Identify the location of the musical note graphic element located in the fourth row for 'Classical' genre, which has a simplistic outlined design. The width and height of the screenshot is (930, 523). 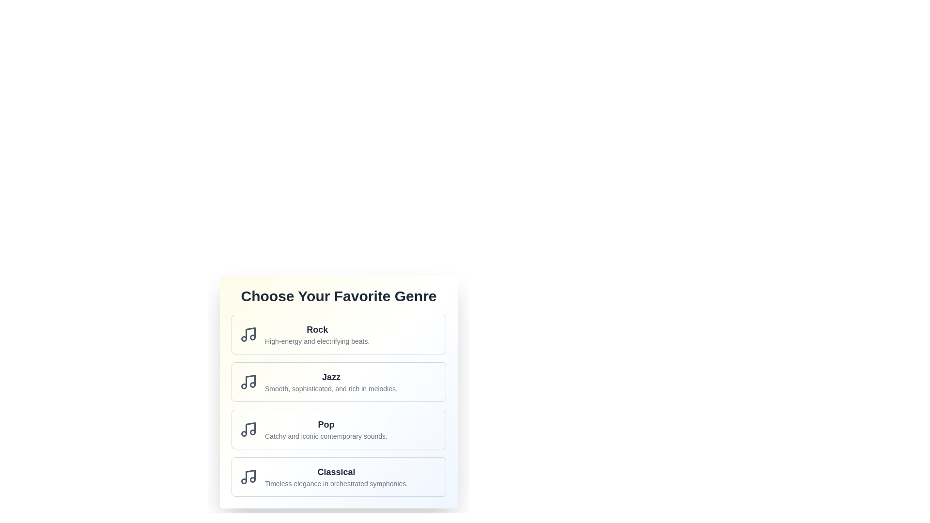
(250, 475).